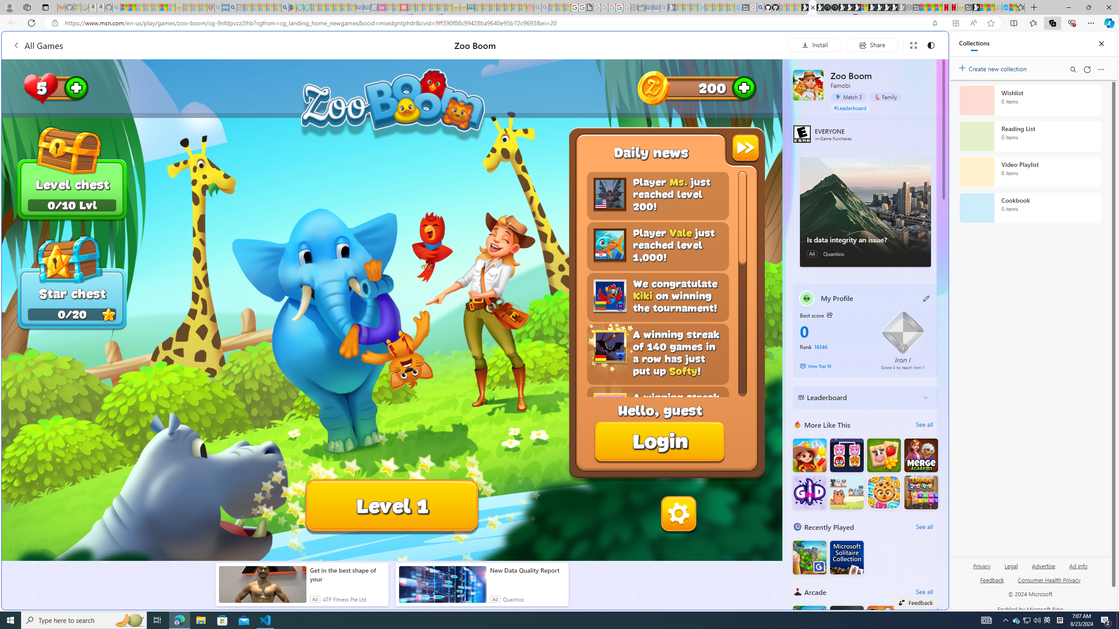  Describe the element at coordinates (381, 7) in the screenshot. I see `'Jobs - lastminute.com Investor Portal - Sleeping'` at that location.